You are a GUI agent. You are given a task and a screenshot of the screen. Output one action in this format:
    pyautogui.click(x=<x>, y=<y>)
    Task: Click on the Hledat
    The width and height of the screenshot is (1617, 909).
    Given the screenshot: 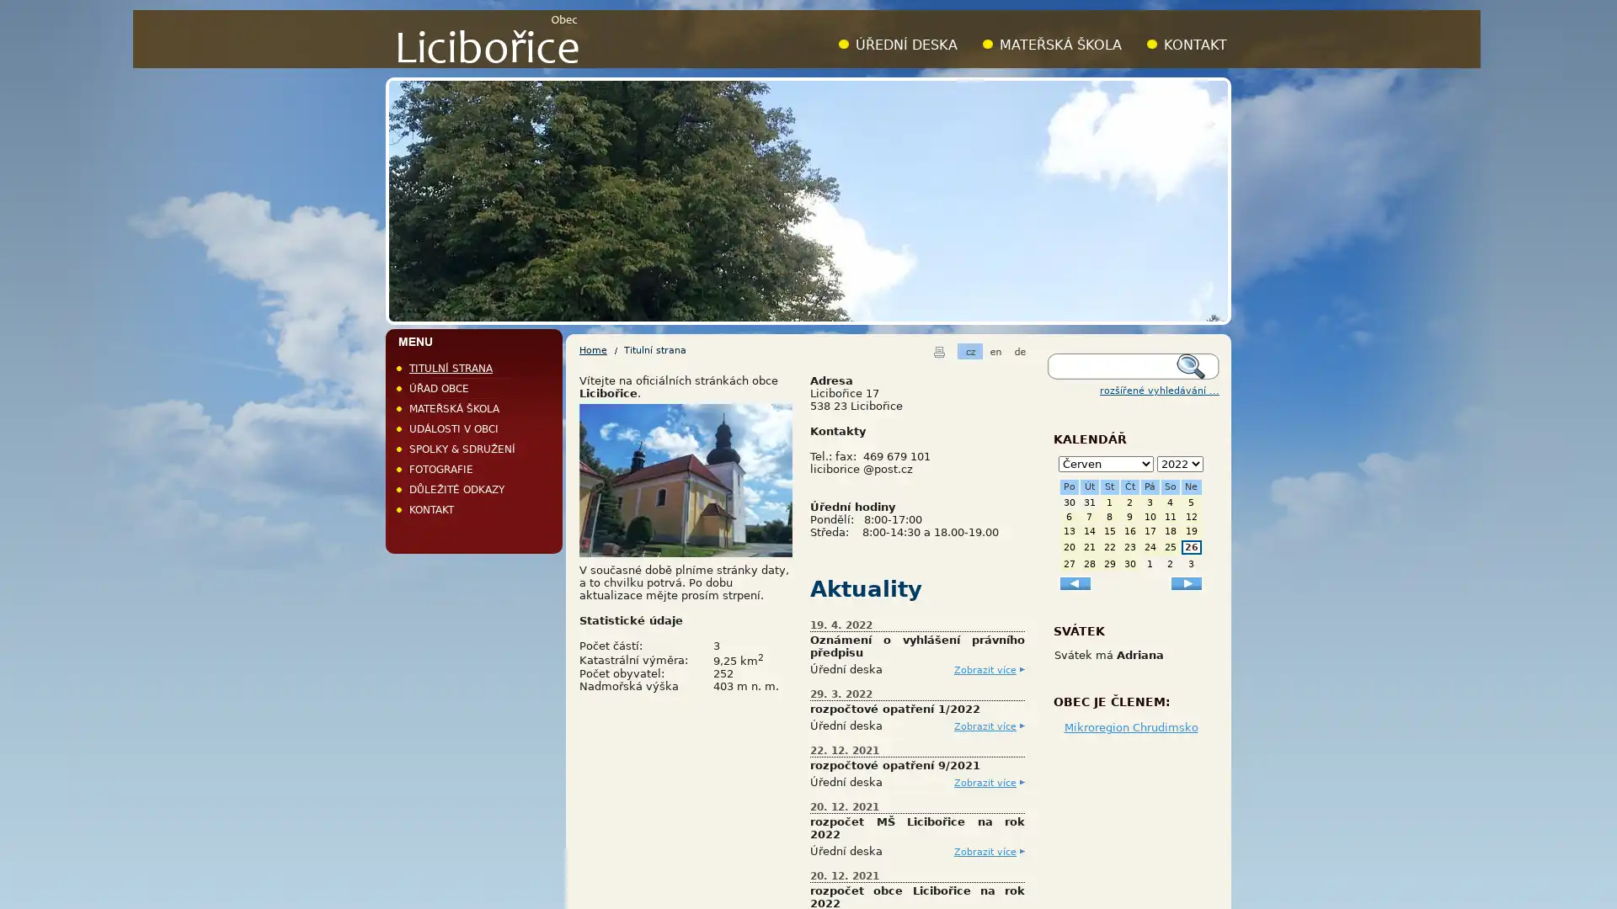 What is the action you would take?
    pyautogui.click(x=1195, y=365)
    